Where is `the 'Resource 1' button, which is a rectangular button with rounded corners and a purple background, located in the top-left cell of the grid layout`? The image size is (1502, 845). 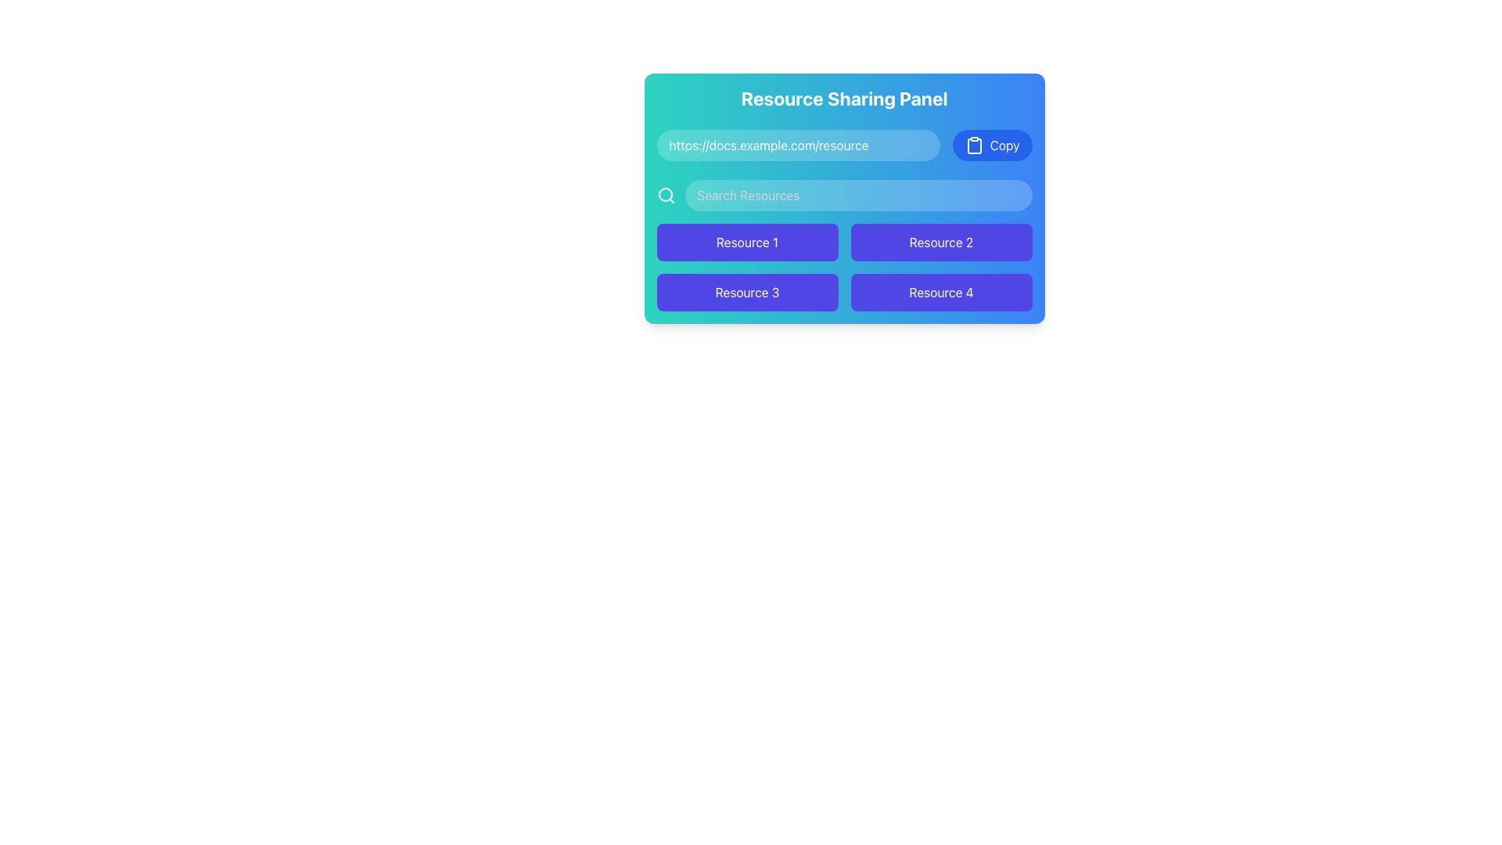 the 'Resource 1' button, which is a rectangular button with rounded corners and a purple background, located in the top-left cell of the grid layout is located at coordinates (746, 242).